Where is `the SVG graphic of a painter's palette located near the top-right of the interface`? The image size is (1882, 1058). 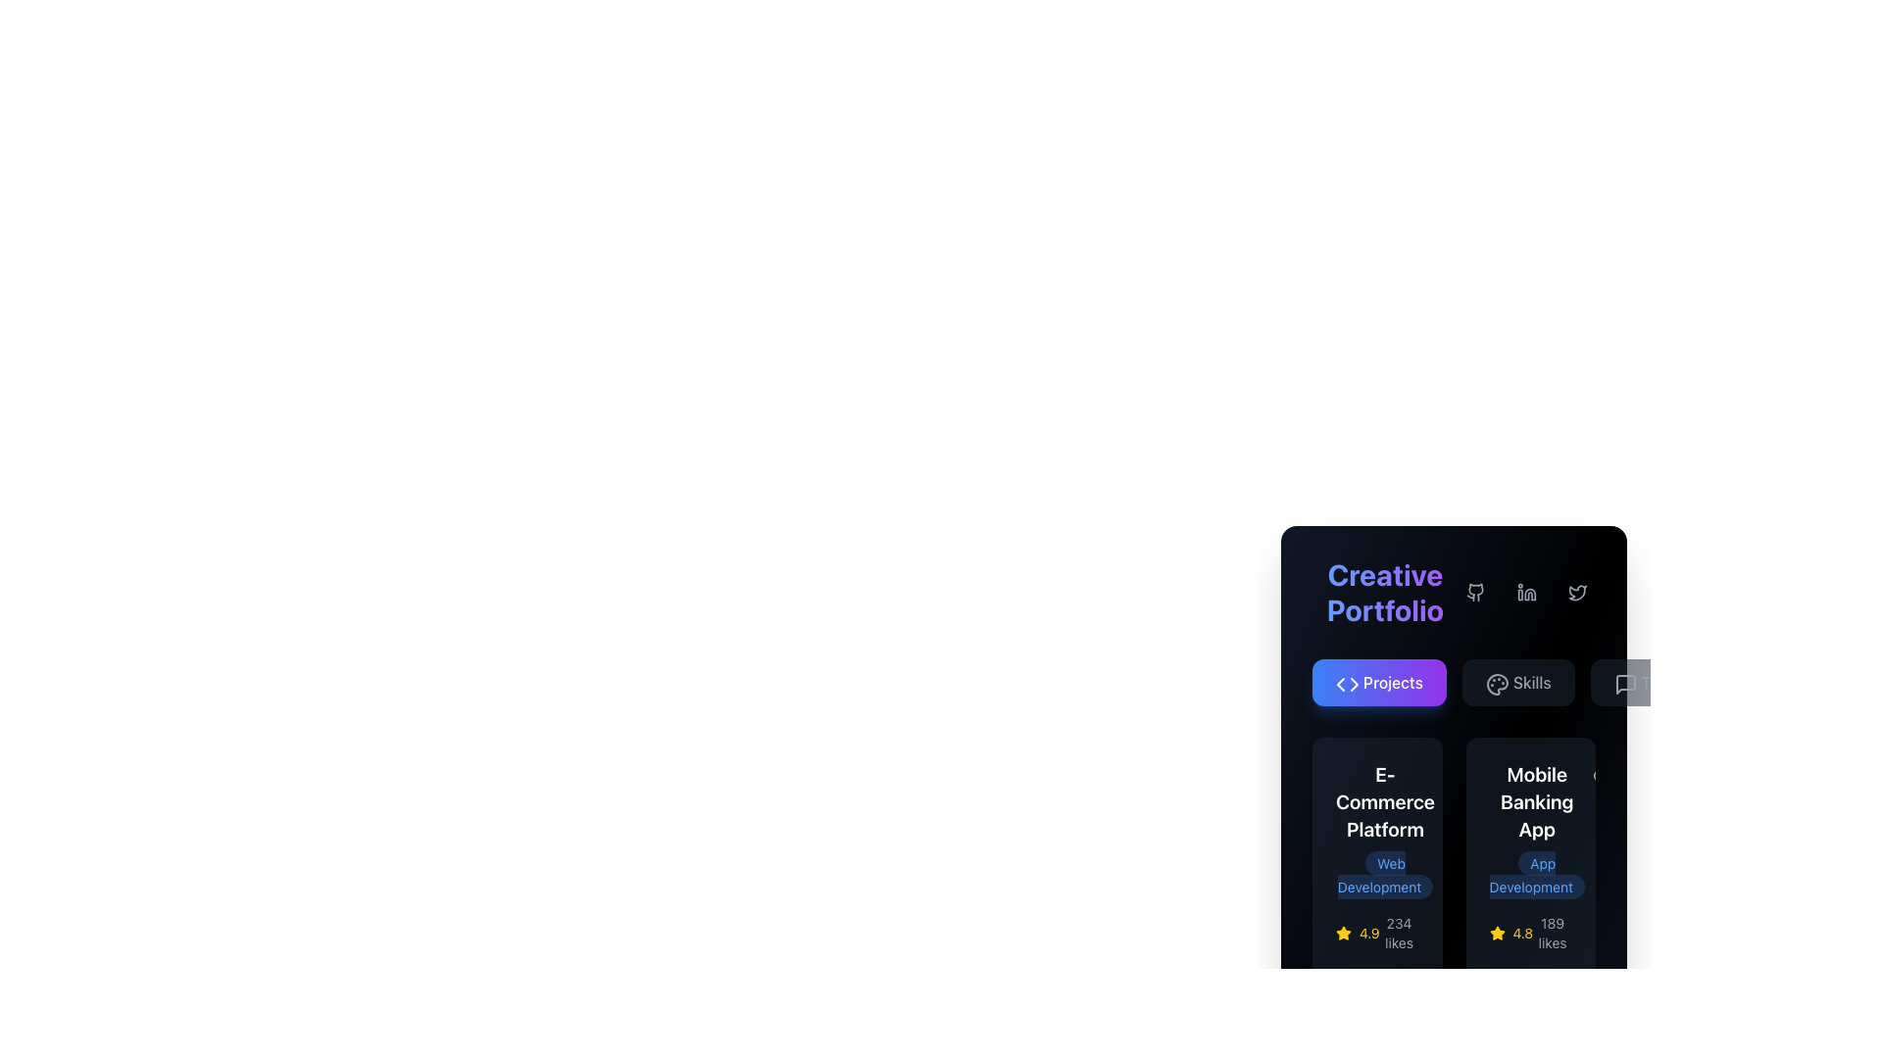
the SVG graphic of a painter's palette located near the top-right of the interface is located at coordinates (1496, 683).